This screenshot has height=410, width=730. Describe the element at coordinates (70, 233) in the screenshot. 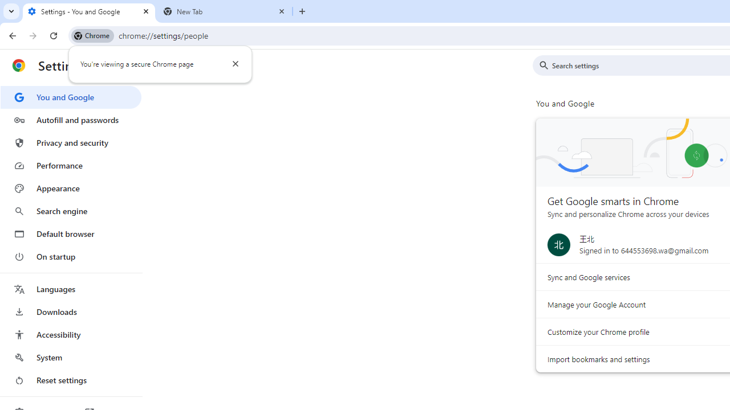

I see `'Default browser'` at that location.